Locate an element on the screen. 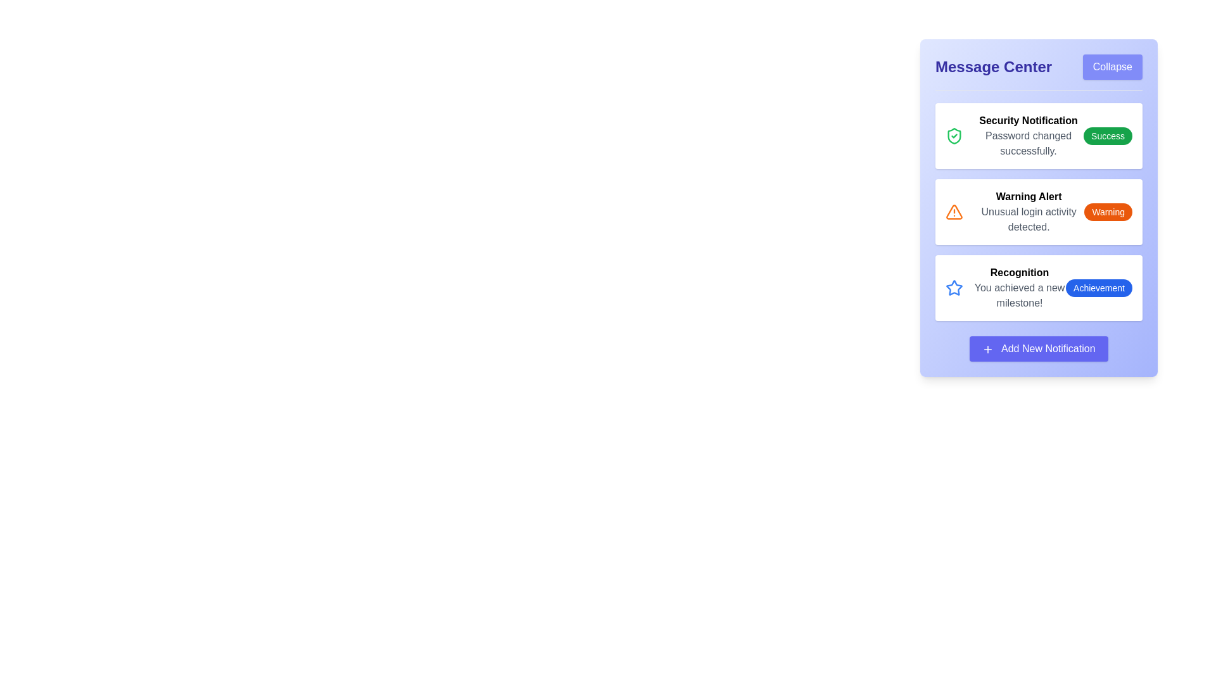 This screenshot has height=684, width=1216. the 'Warning Alert' text displayed in bold typography located at the top of the second notification card in the 'Message Center' panel is located at coordinates (1029, 197).